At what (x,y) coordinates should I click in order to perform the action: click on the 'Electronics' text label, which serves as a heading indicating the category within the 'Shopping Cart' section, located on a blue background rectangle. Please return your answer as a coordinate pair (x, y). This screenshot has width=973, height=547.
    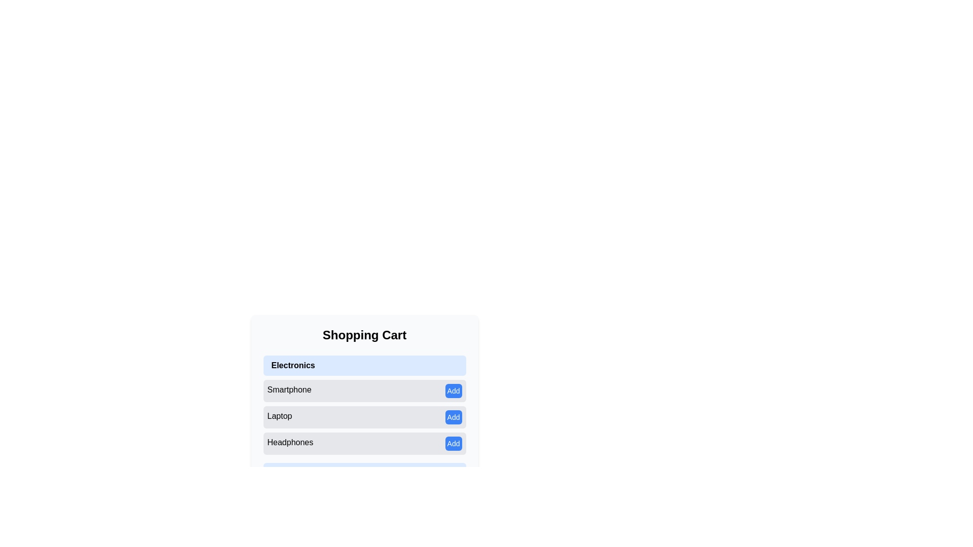
    Looking at the image, I should click on (292, 365).